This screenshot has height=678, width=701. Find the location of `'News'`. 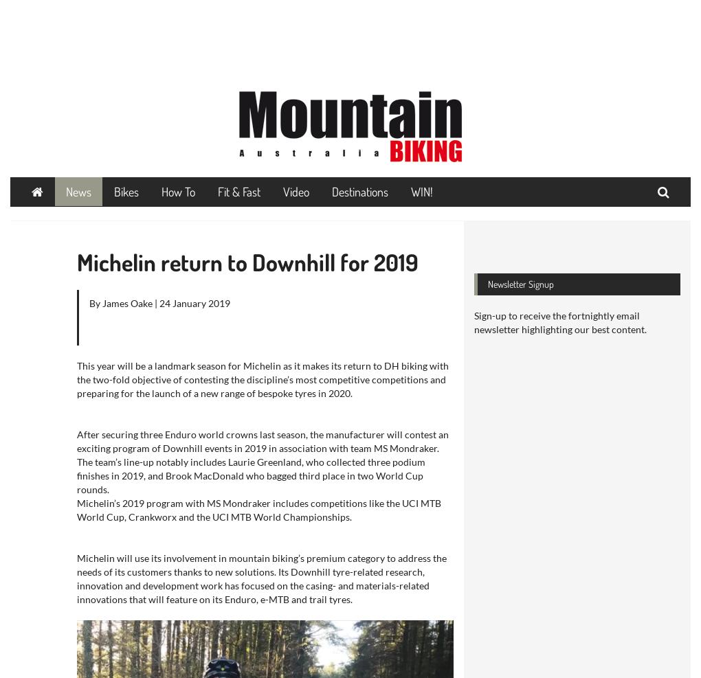

'News' is located at coordinates (78, 192).